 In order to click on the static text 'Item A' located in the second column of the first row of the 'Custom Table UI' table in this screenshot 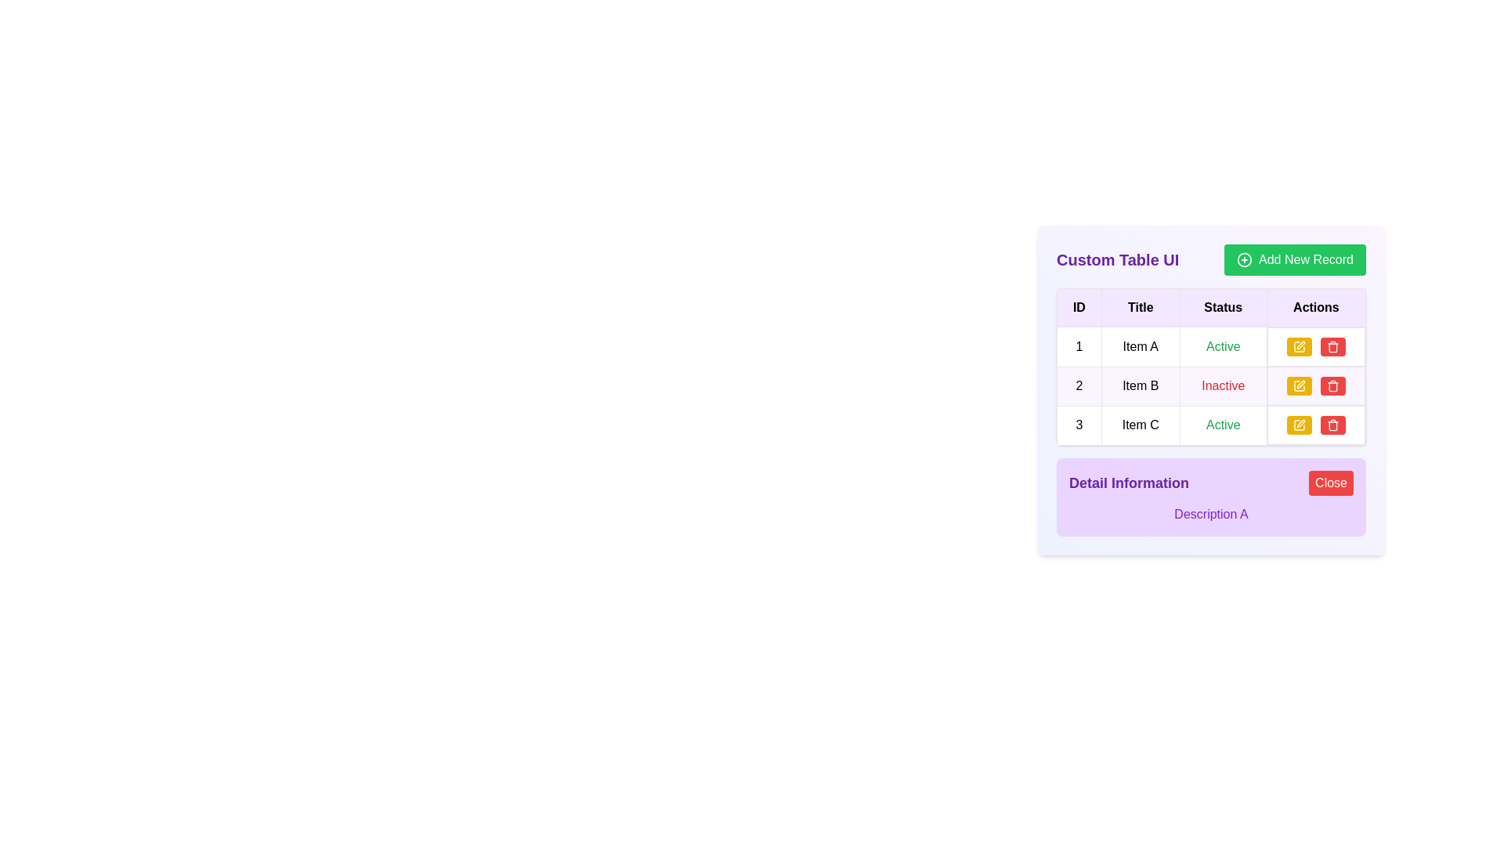, I will do `click(1141, 345)`.